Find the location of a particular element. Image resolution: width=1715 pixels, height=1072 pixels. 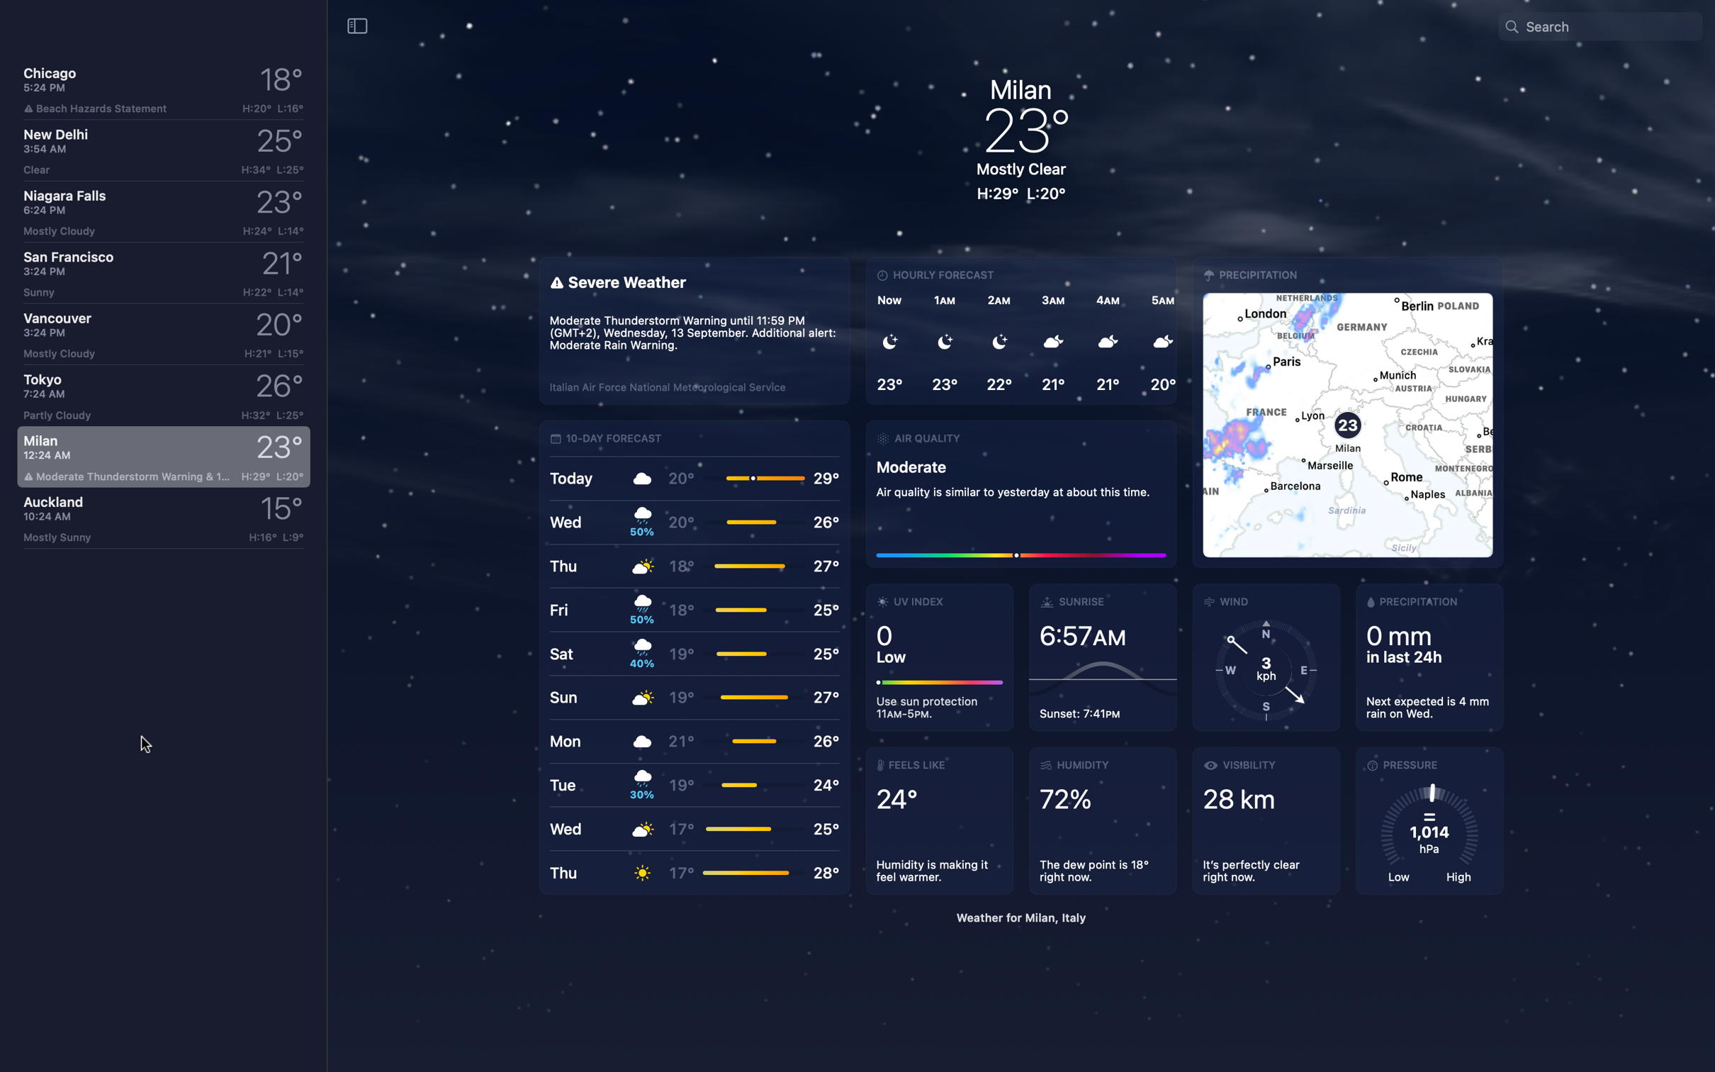

Check New Delhi"s climate is located at coordinates (162, 150).